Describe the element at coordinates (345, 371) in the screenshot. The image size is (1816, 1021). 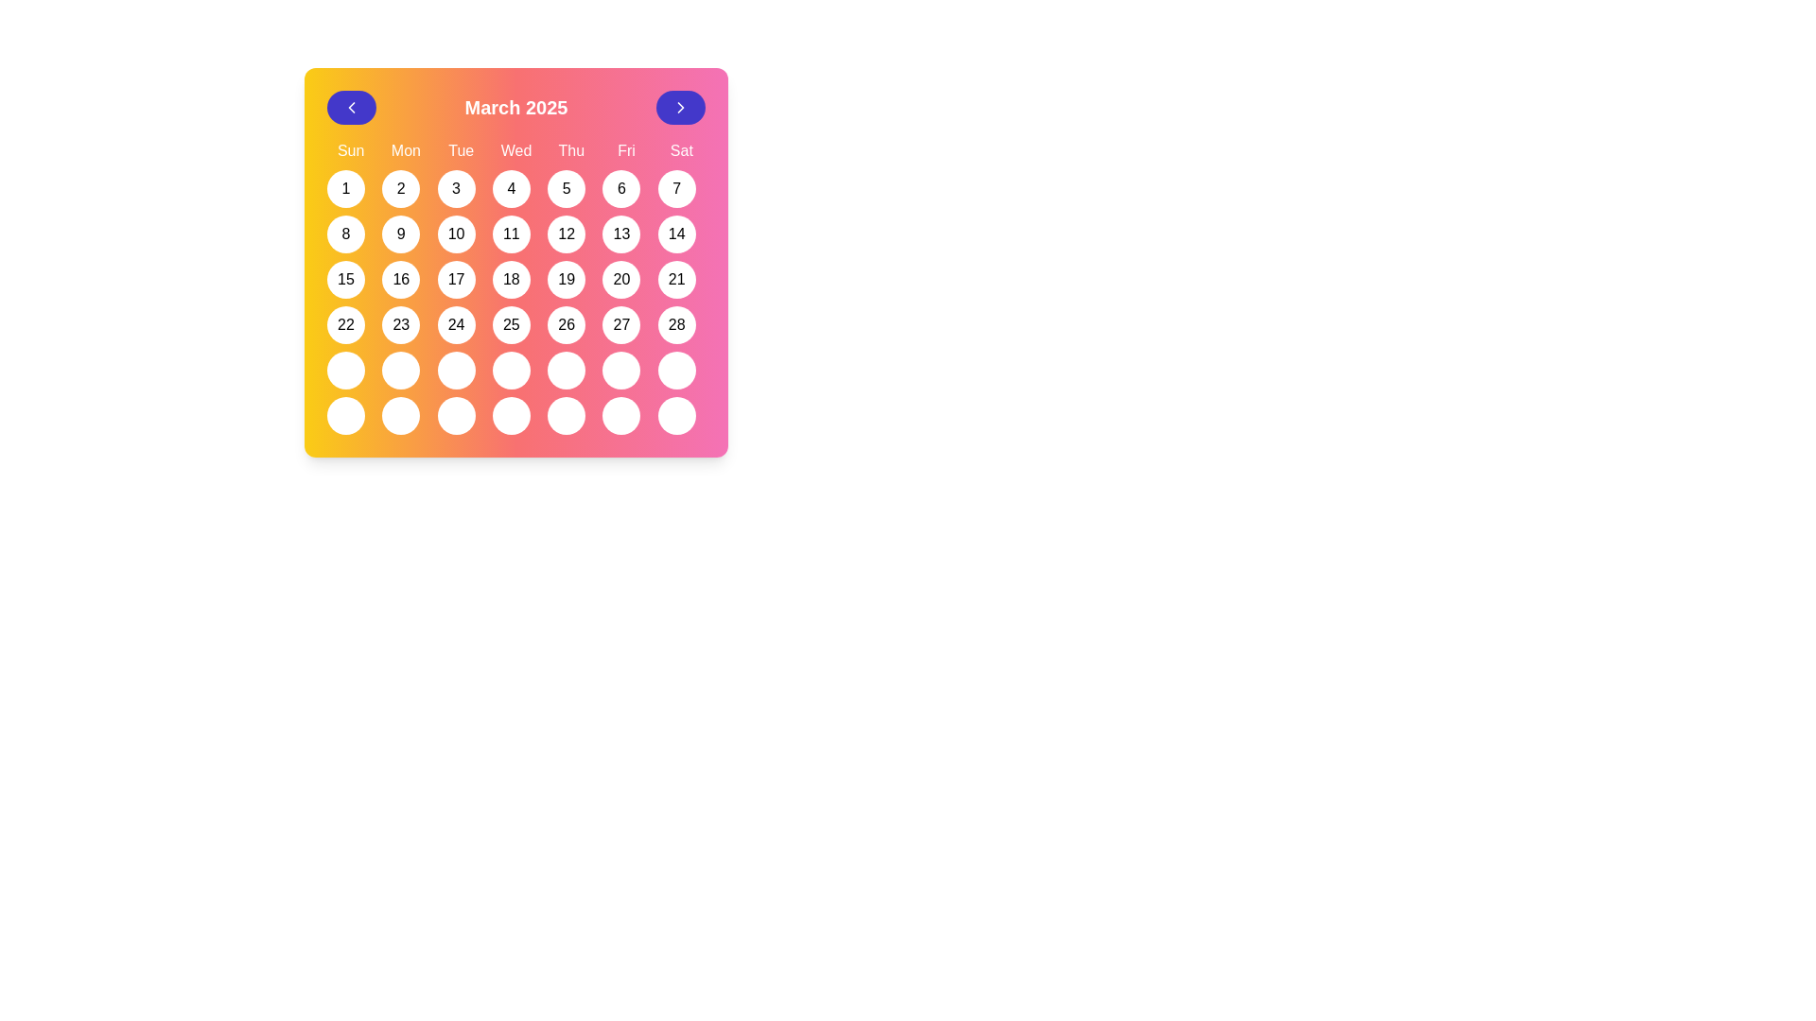
I see `the circular button with a white background located in the last row, first column of the calendar grid in the March 2025 view` at that location.